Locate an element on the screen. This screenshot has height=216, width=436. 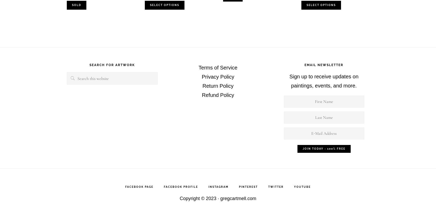
'YouTube' is located at coordinates (302, 187).